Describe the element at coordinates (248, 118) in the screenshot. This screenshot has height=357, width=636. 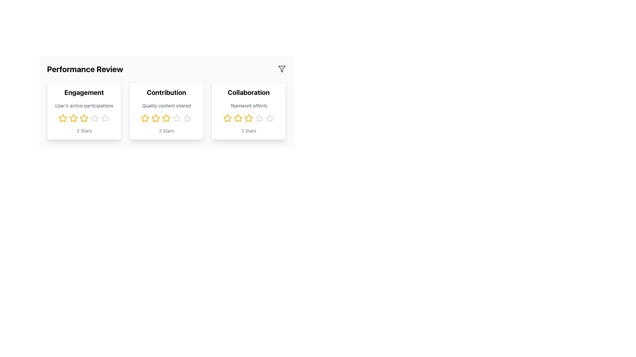
I see `the third star icon in the 'Collaboration' card to give or modify a rating for 'Teamwork efforts.'` at that location.